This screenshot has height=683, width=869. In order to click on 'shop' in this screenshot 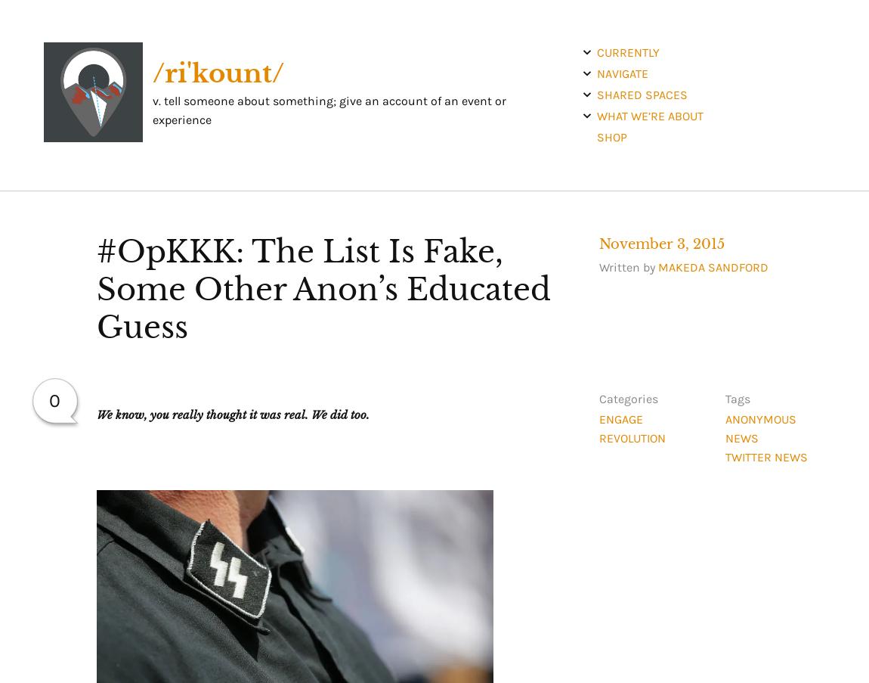, I will do `click(611, 136)`.